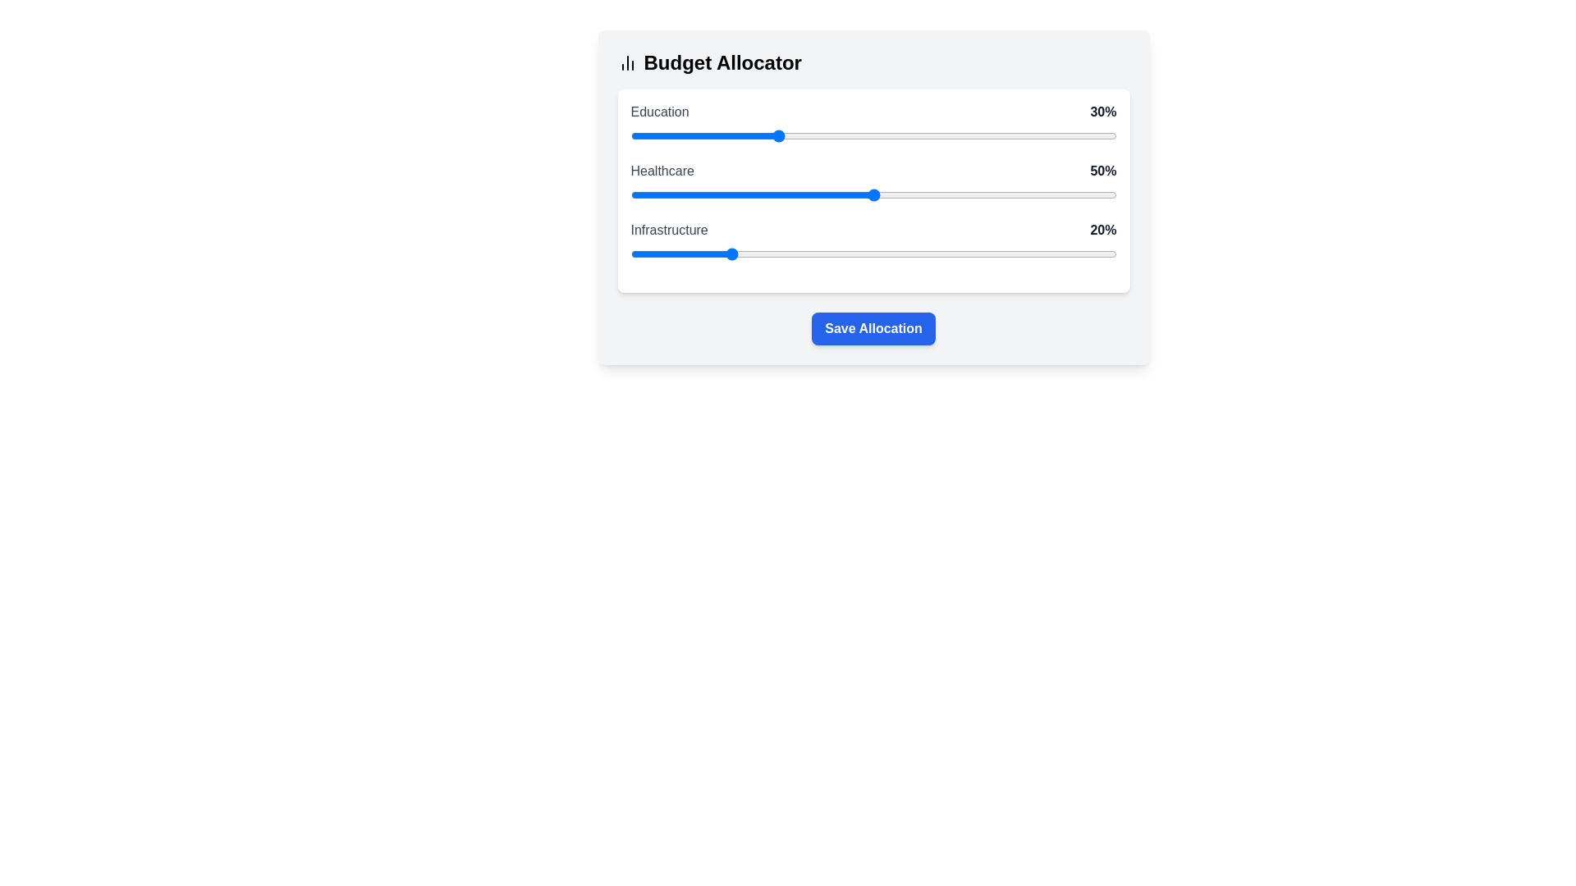  I want to click on healthcare allocation, so click(946, 194).